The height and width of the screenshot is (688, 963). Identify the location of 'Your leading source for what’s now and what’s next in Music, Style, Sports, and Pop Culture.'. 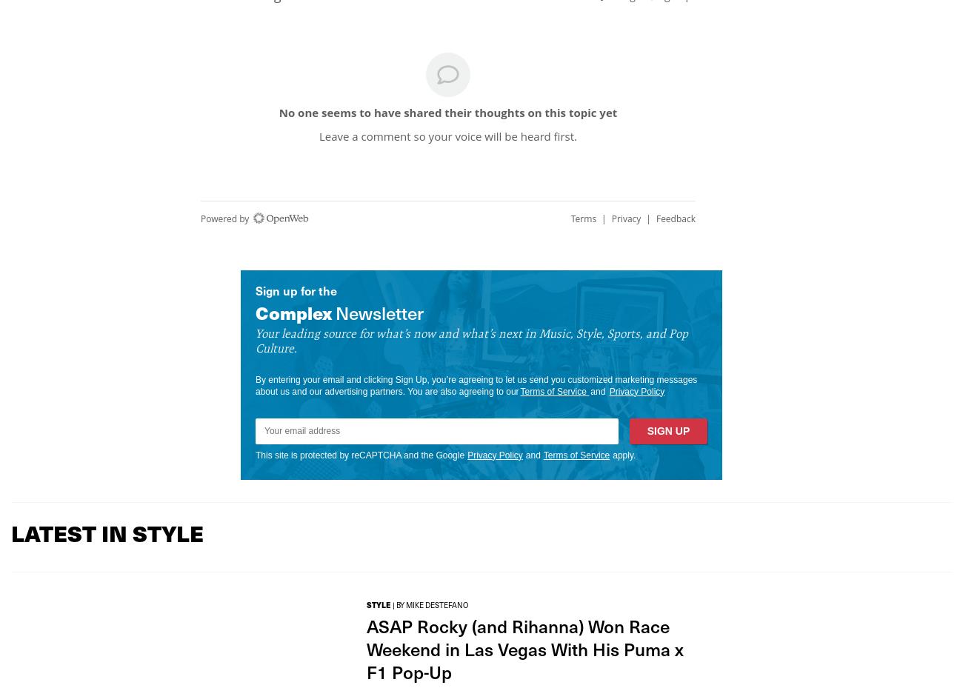
(472, 339).